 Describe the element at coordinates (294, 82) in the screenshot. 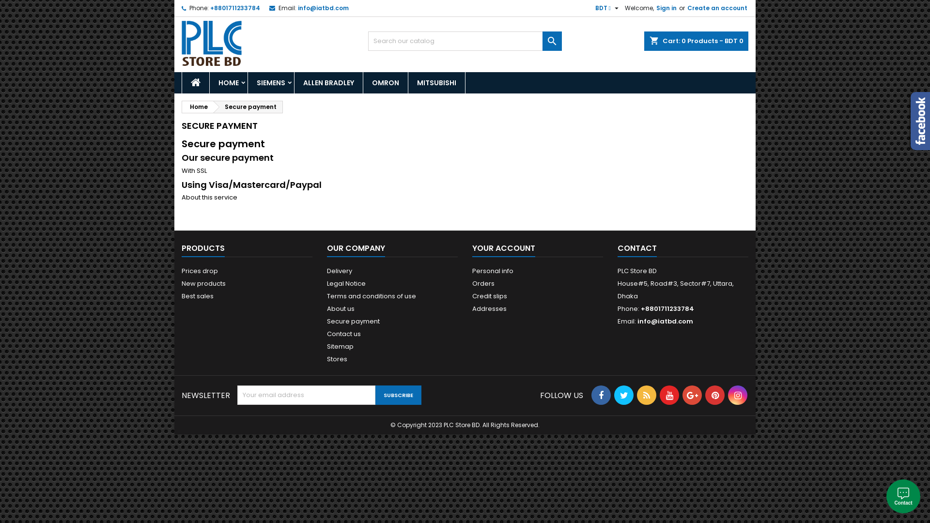

I see `'ALLEN BRADLEY'` at that location.